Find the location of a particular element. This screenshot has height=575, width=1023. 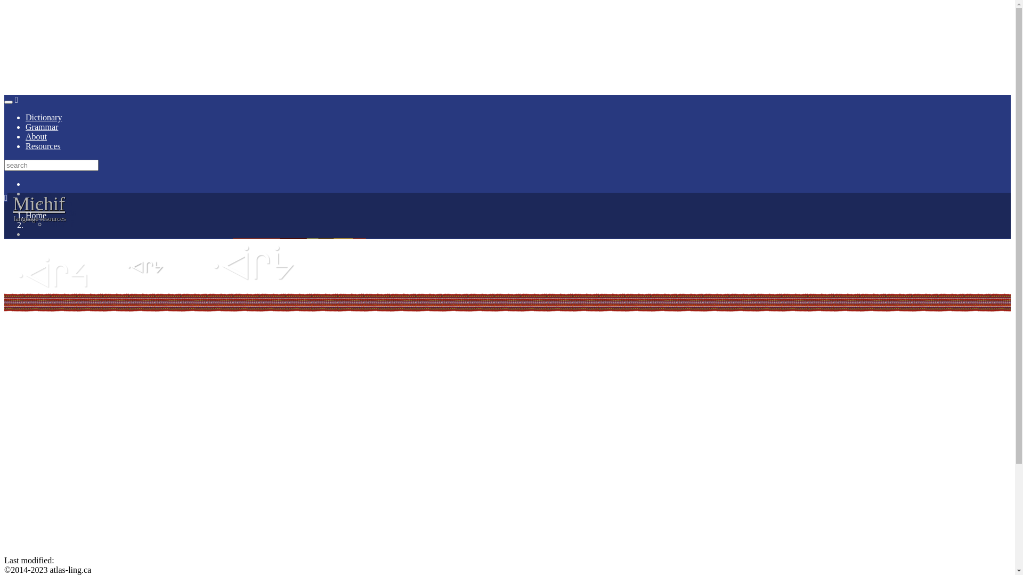

'Dictionary' is located at coordinates (43, 117).